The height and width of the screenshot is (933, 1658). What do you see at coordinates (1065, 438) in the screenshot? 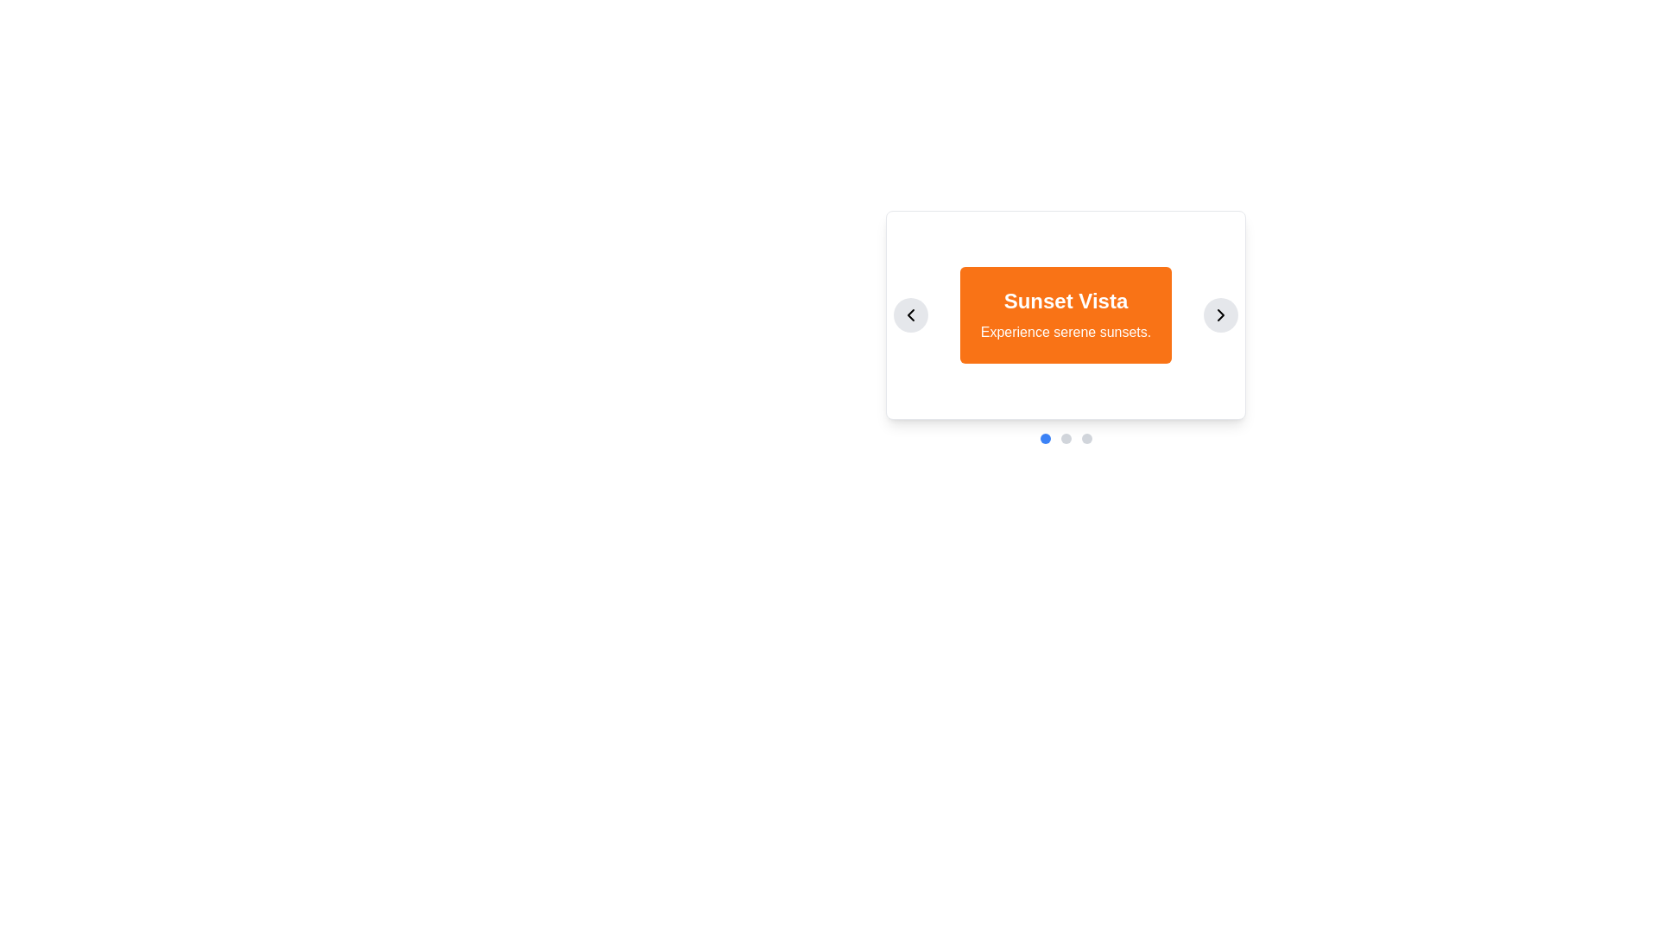
I see `the second circular navigation dot, which is light gray and positioned centrally under the carousel` at bounding box center [1065, 438].